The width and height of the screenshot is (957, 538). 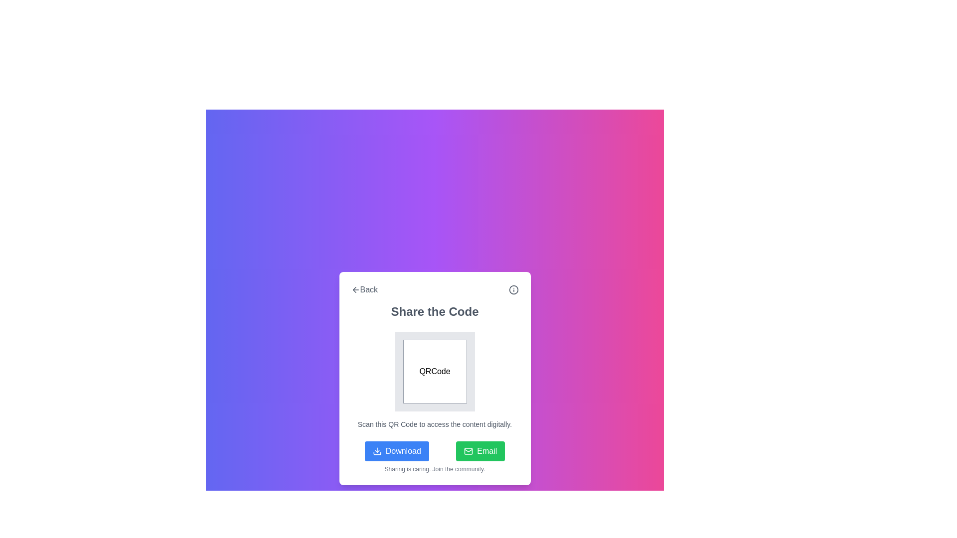 I want to click on the informational help icon located at the top-right corner of the header section, to the right of the 'Back' button, so click(x=513, y=290).